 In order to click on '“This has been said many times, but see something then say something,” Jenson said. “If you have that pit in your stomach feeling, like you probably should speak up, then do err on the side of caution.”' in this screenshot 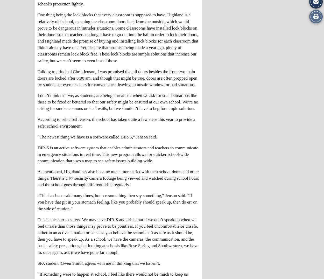, I will do `click(117, 202)`.